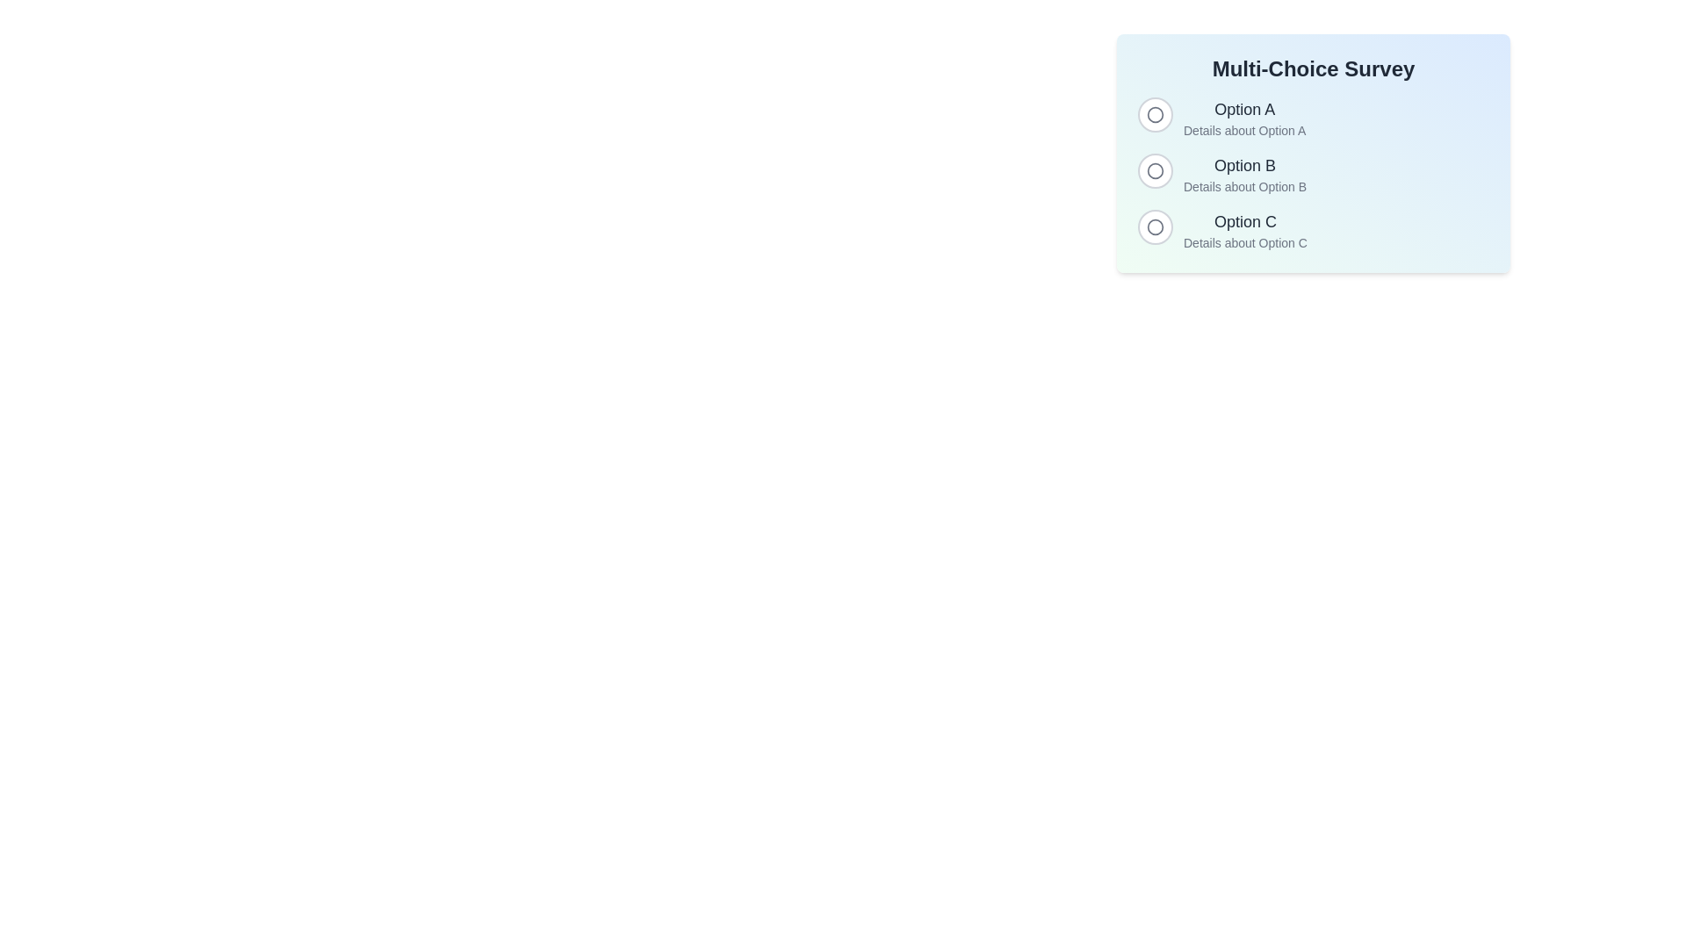  What do you see at coordinates (1155, 114) in the screenshot?
I see `the radio button labeled 'Option A'` at bounding box center [1155, 114].